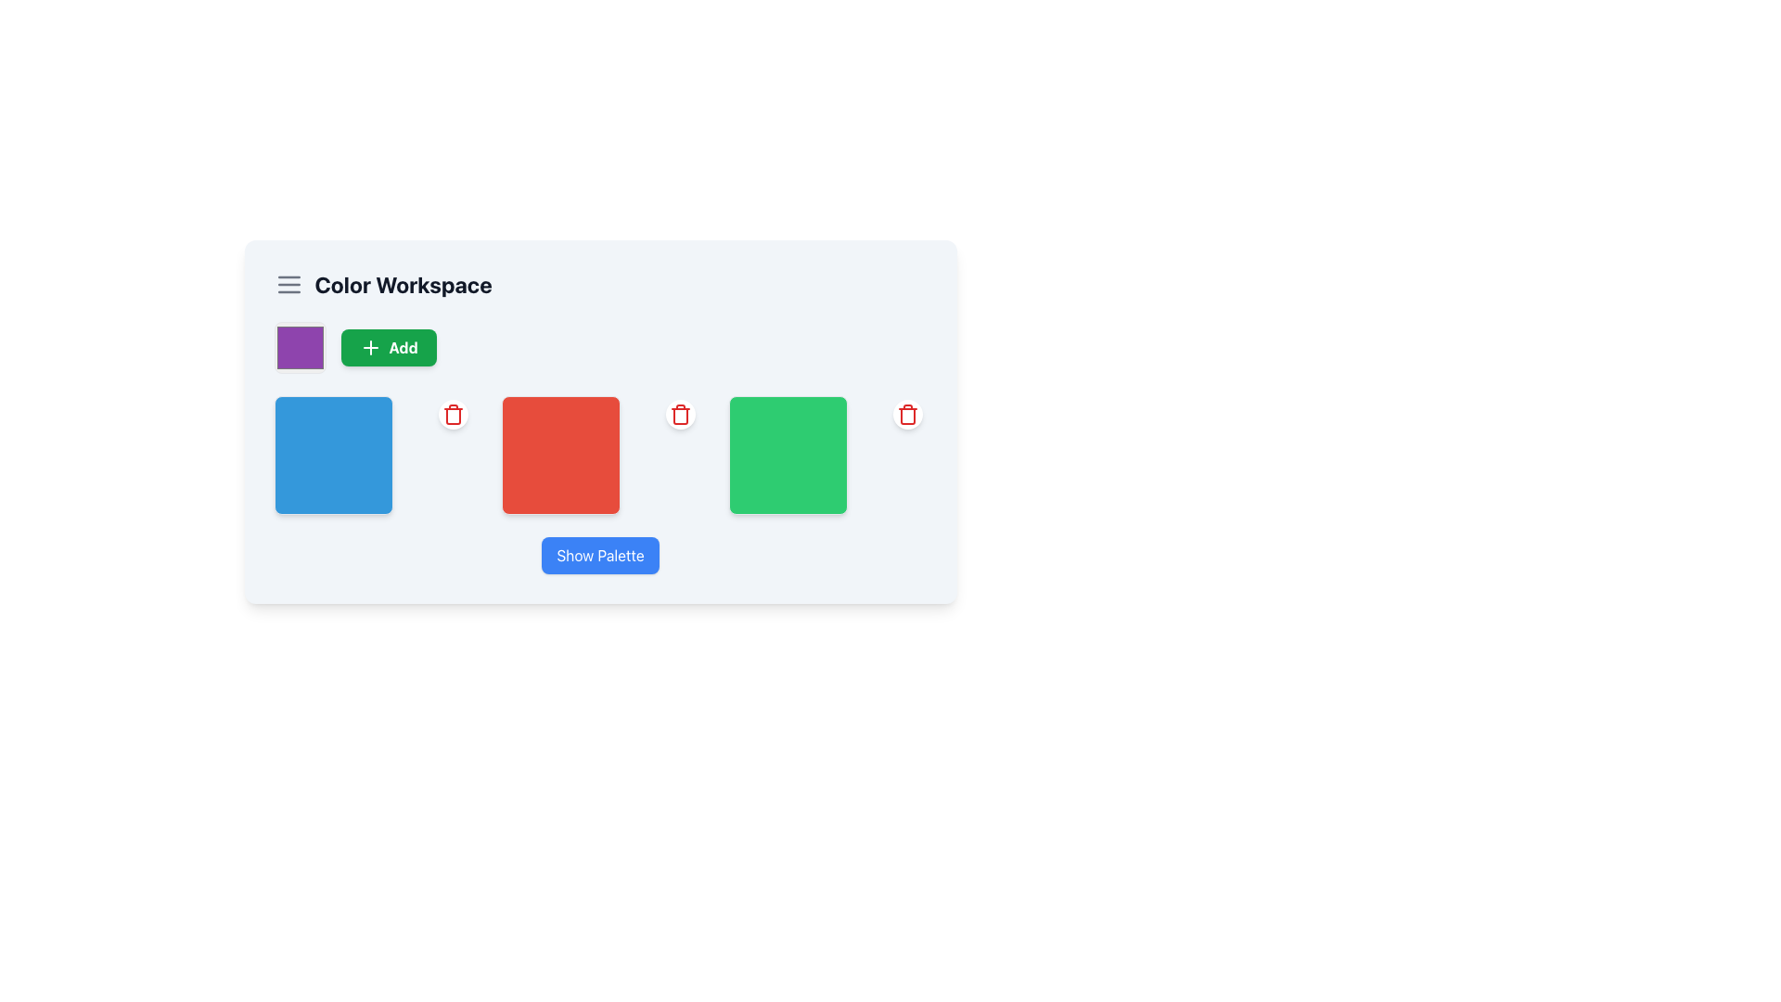  I want to click on the button located in the Color Workspace interface, positioned to the right of a purple color box and above the colored squares, so click(388, 347).